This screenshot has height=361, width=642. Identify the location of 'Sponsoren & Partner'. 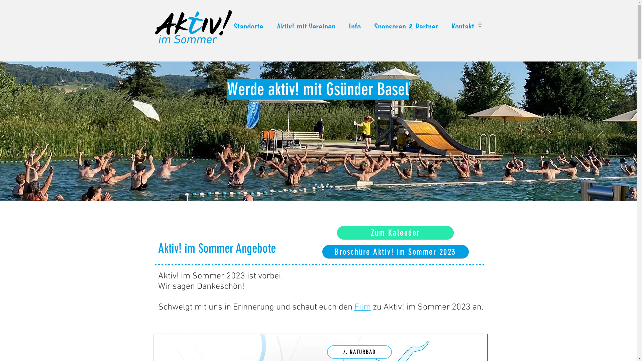
(405, 24).